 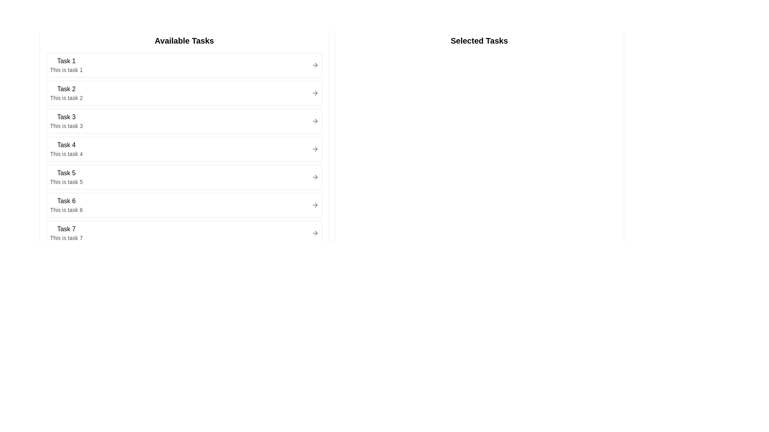 What do you see at coordinates (314, 121) in the screenshot?
I see `the arrow icon located next to 'Task 4' in the 'Available Tasks' section` at bounding box center [314, 121].